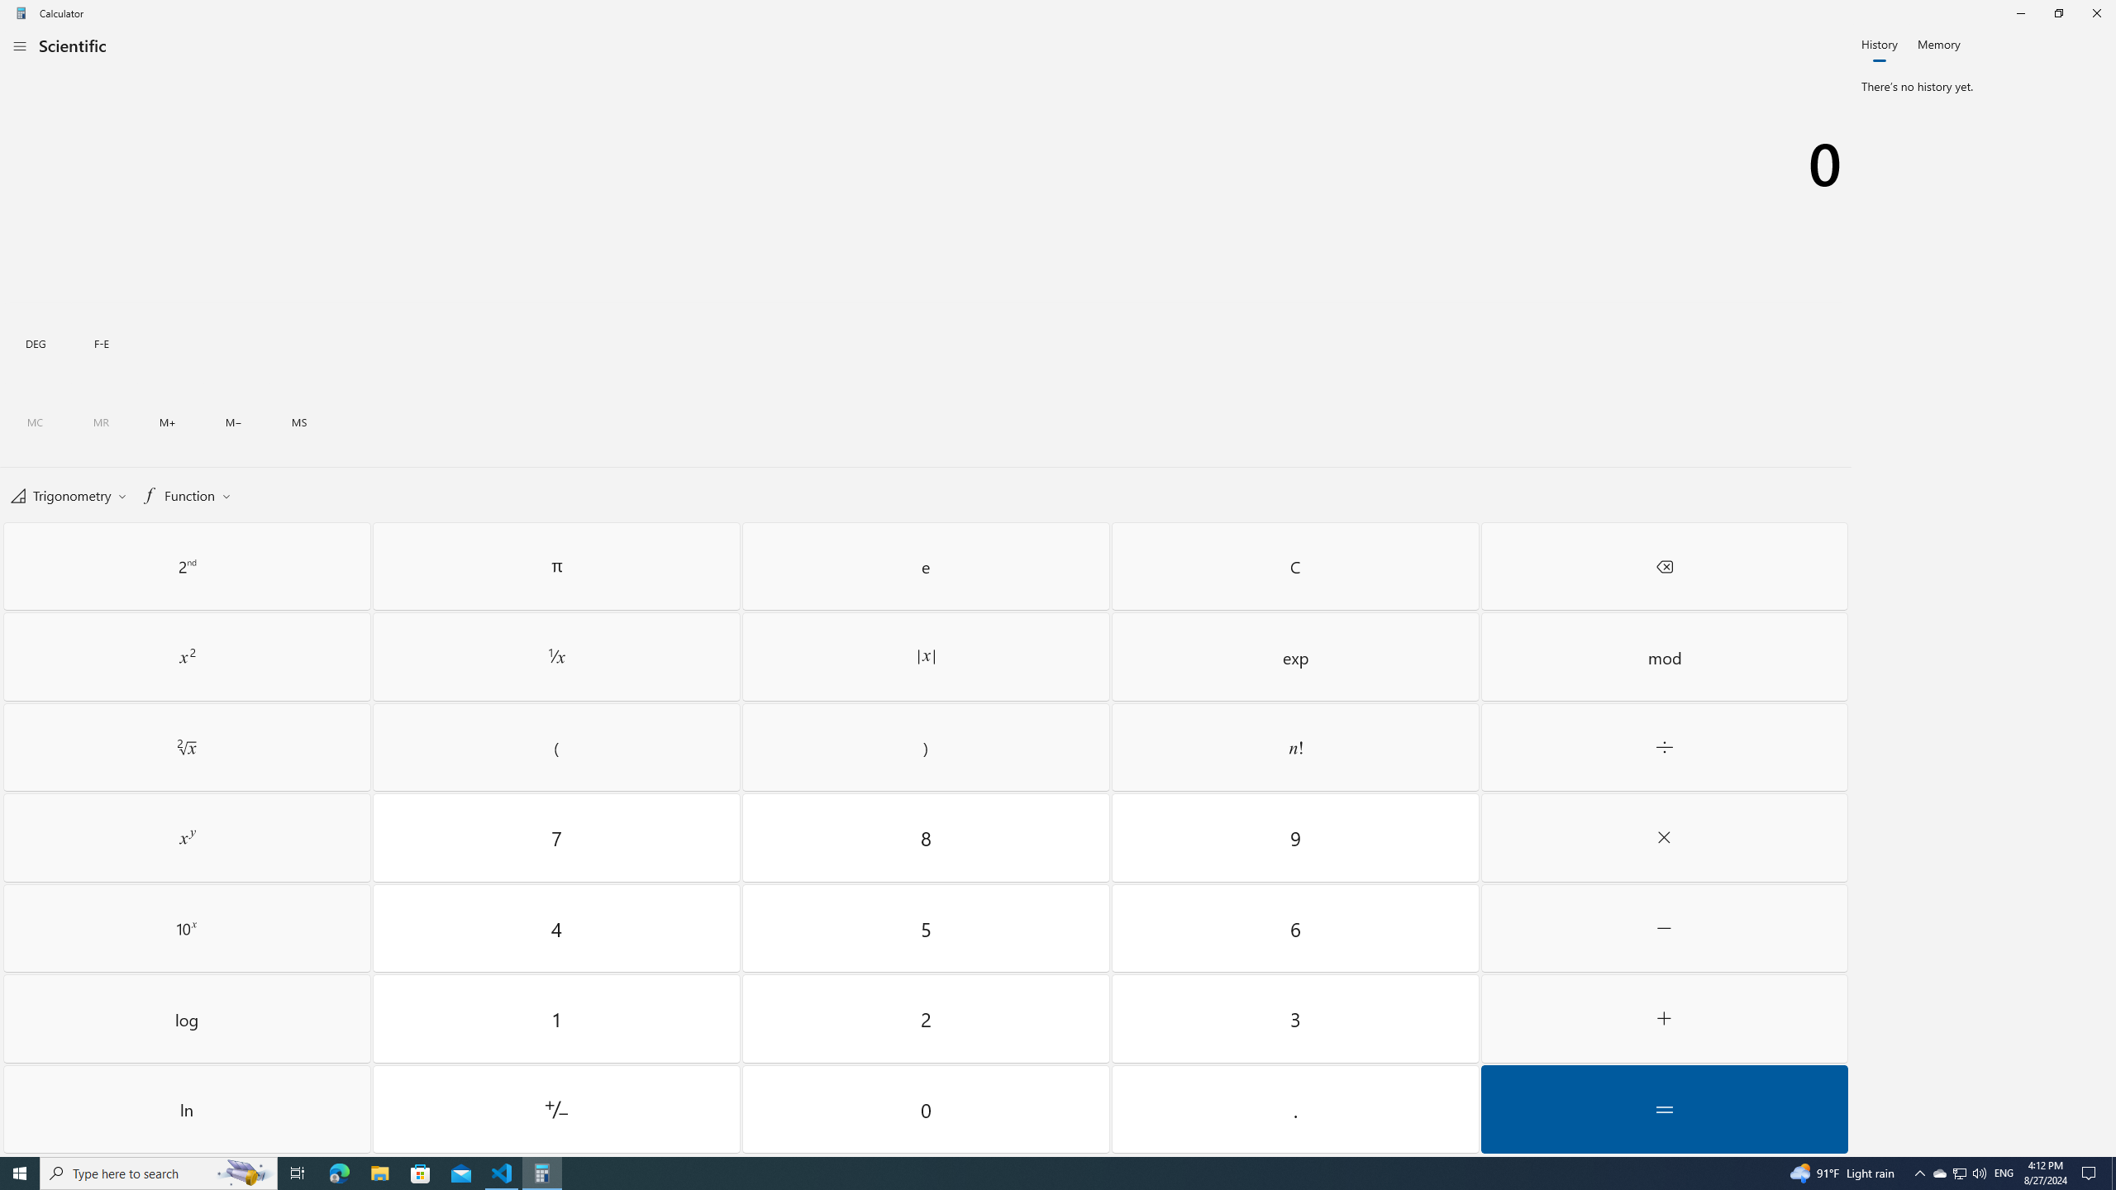  Describe the element at coordinates (1664, 656) in the screenshot. I see `'Modulo'` at that location.